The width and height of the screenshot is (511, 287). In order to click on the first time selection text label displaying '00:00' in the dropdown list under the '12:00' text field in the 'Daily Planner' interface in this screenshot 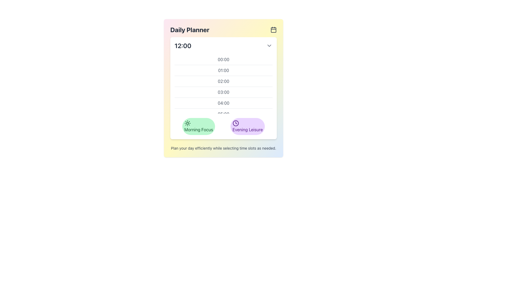, I will do `click(224, 59)`.